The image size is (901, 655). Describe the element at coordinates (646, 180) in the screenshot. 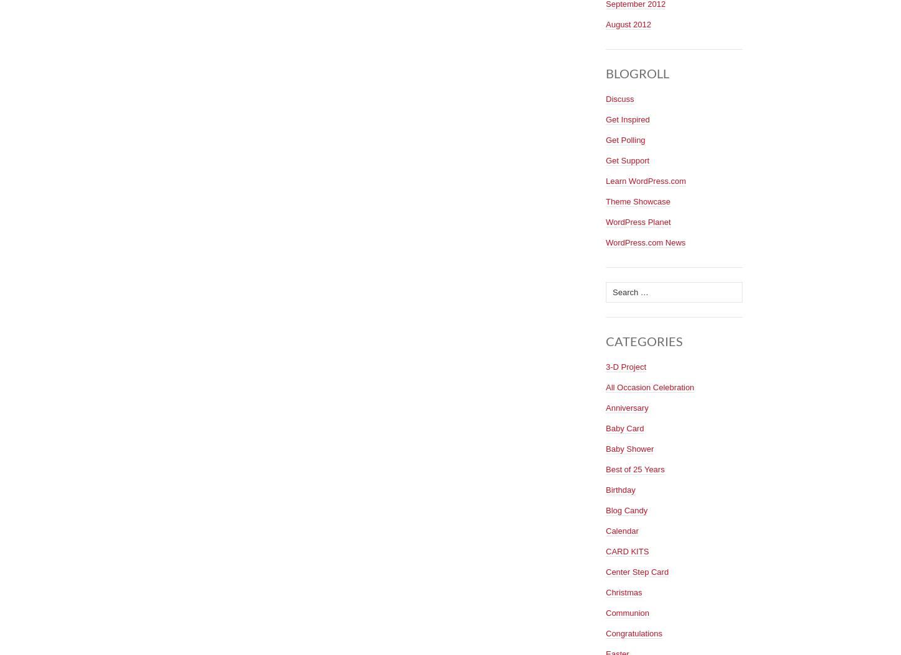

I see `'Learn WordPress.com'` at that location.